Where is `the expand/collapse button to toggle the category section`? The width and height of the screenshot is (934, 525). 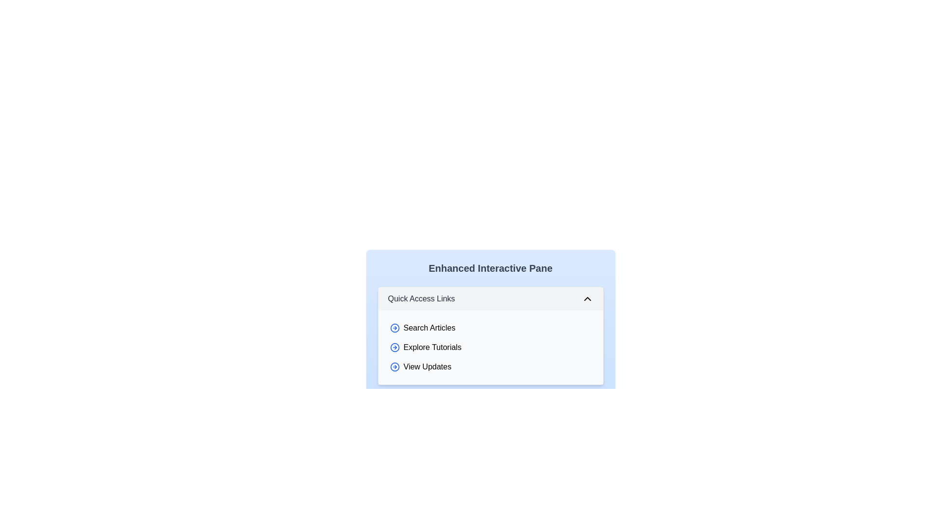
the expand/collapse button to toggle the category section is located at coordinates (587, 298).